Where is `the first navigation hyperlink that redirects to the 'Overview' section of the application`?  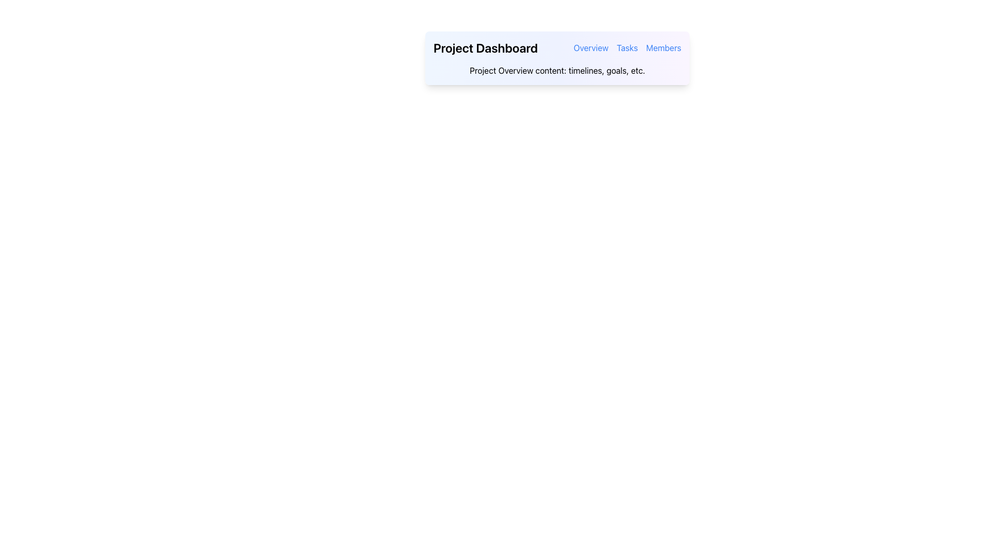 the first navigation hyperlink that redirects to the 'Overview' section of the application is located at coordinates (591, 47).